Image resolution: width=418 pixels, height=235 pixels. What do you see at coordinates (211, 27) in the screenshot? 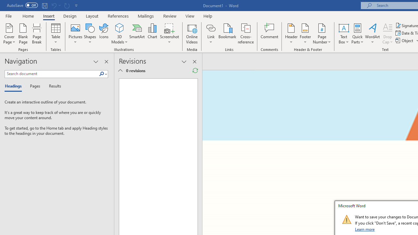
I see `'Link'` at bounding box center [211, 27].